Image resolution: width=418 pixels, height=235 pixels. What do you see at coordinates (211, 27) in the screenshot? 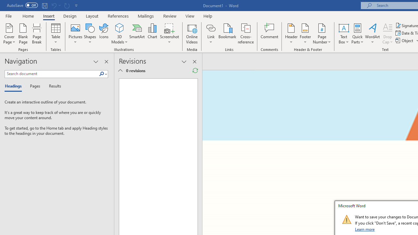
I see `'Link'` at bounding box center [211, 27].